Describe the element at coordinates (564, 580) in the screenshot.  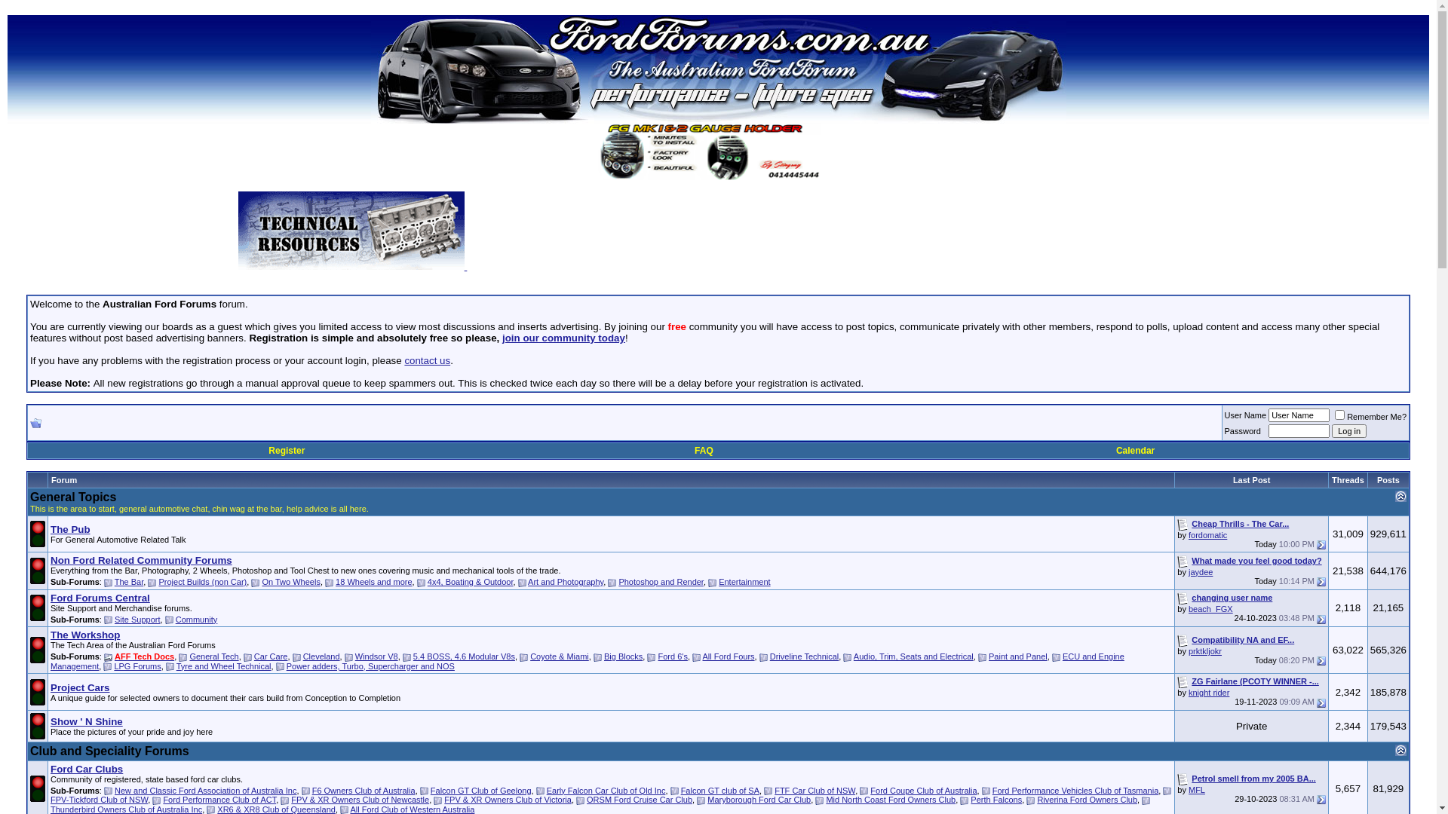
I see `'Art and Photography'` at that location.